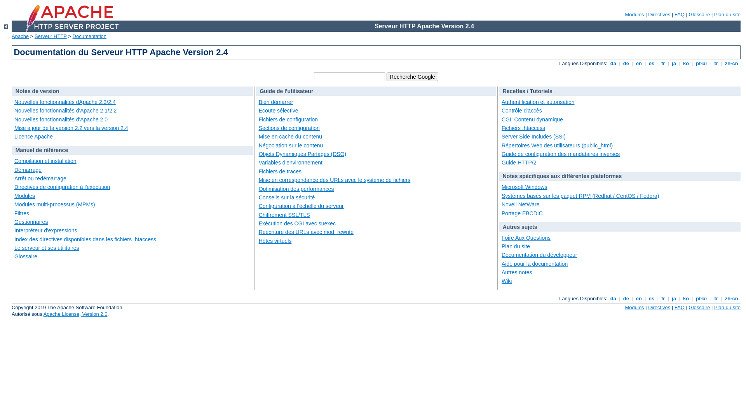 The image size is (746, 419). Describe the element at coordinates (634, 307) in the screenshot. I see `'Modules'` at that location.